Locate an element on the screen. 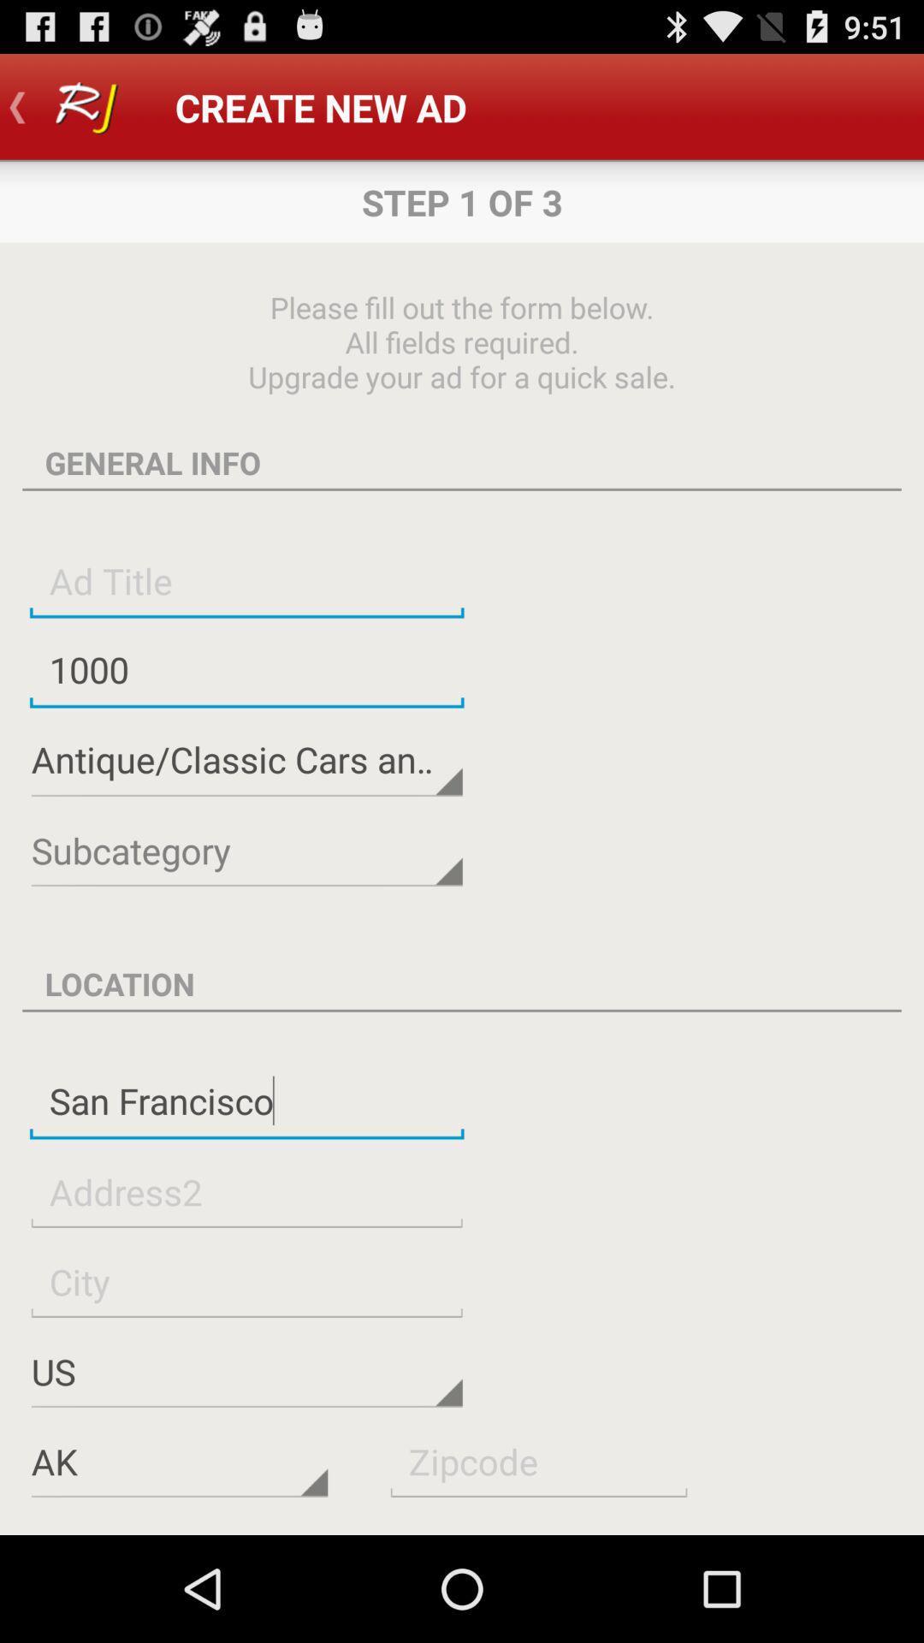  advertisement title is located at coordinates (246, 580).